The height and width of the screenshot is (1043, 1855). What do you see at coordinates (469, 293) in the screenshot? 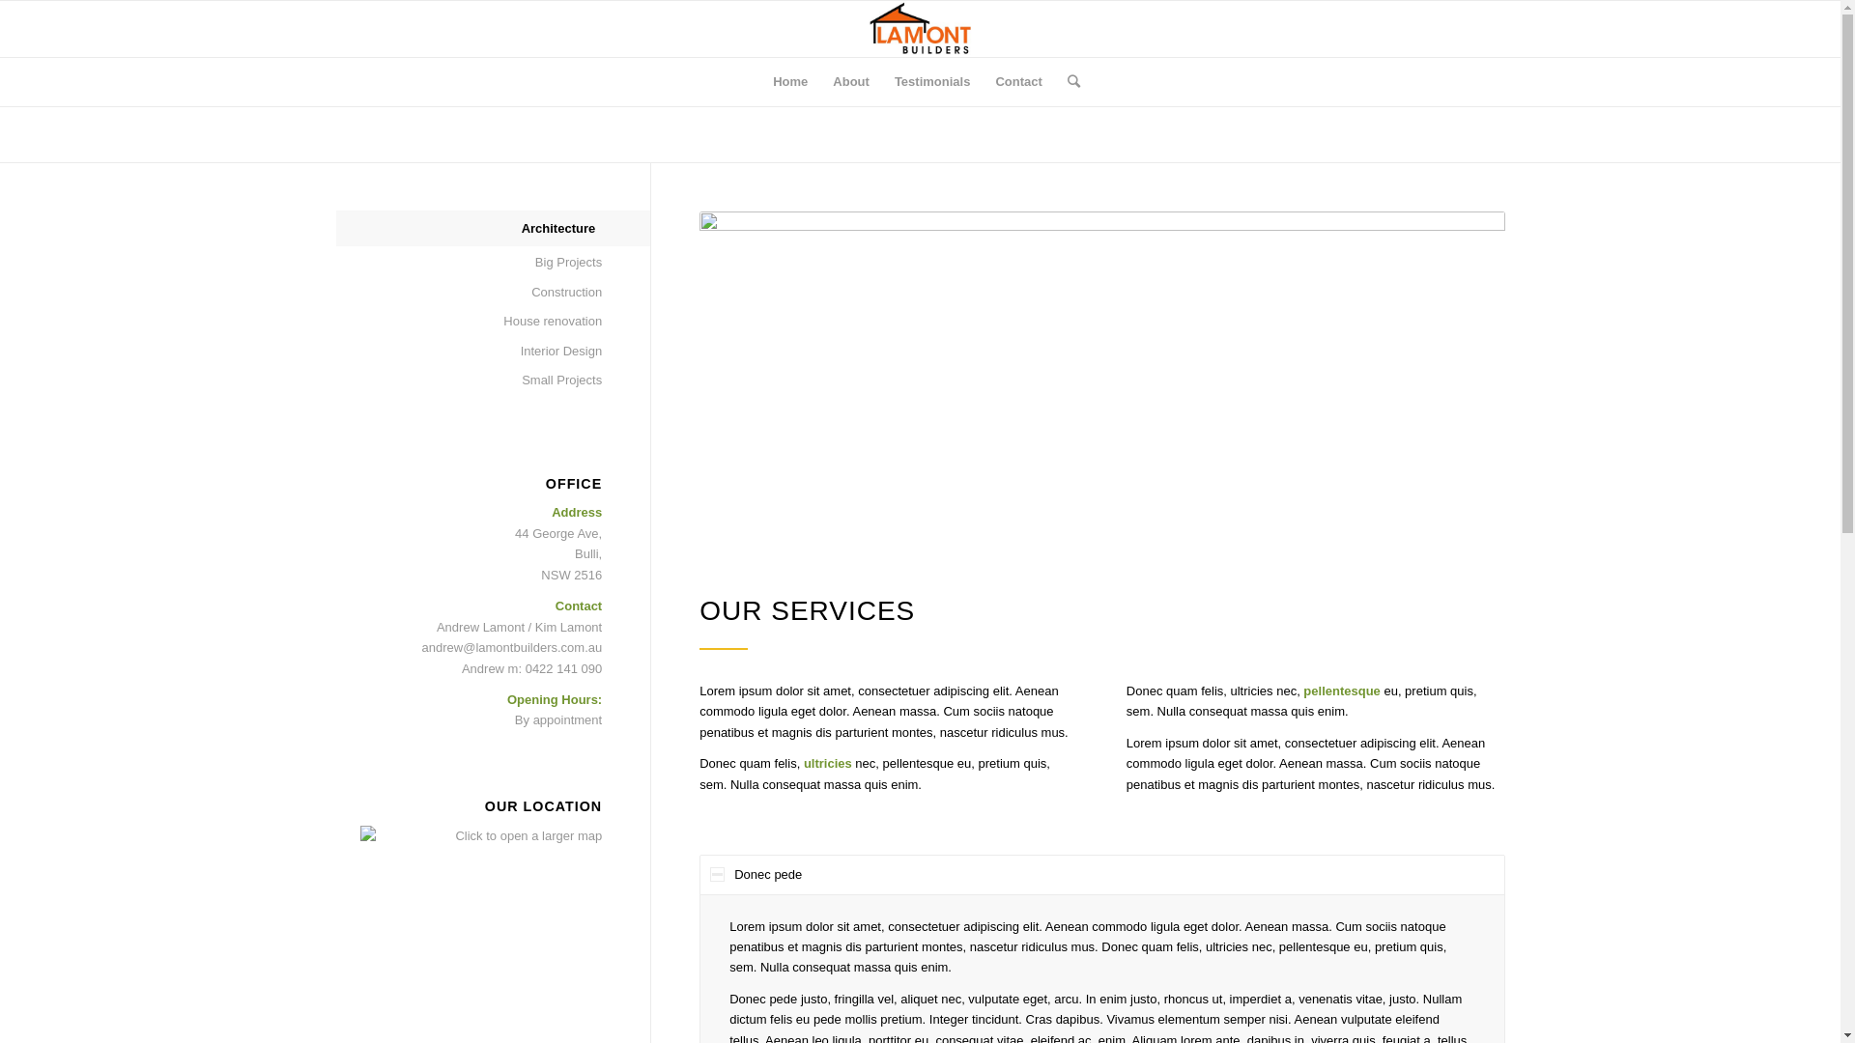
I see `'Construction'` at bounding box center [469, 293].